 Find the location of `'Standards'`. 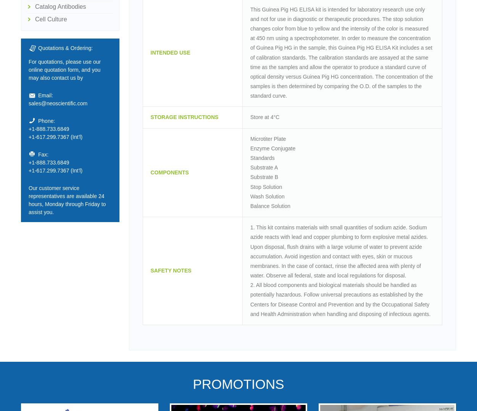

'Standards' is located at coordinates (250, 158).